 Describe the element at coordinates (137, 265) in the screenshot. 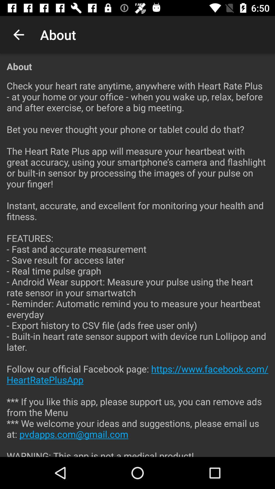

I see `the check your heart item` at that location.